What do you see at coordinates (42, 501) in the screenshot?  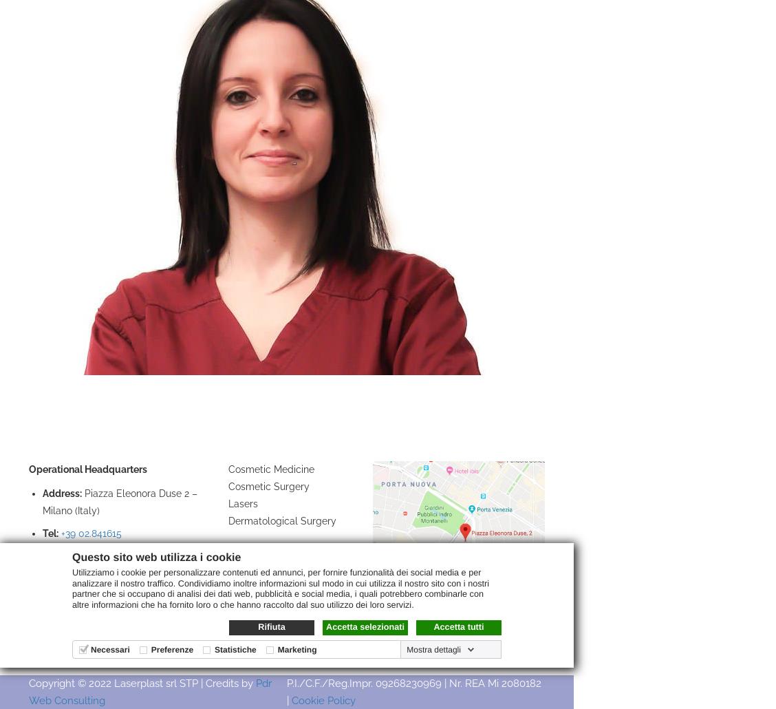 I see `'Piazza Eleonora Duse 2 – Milano (Italy)'` at bounding box center [42, 501].